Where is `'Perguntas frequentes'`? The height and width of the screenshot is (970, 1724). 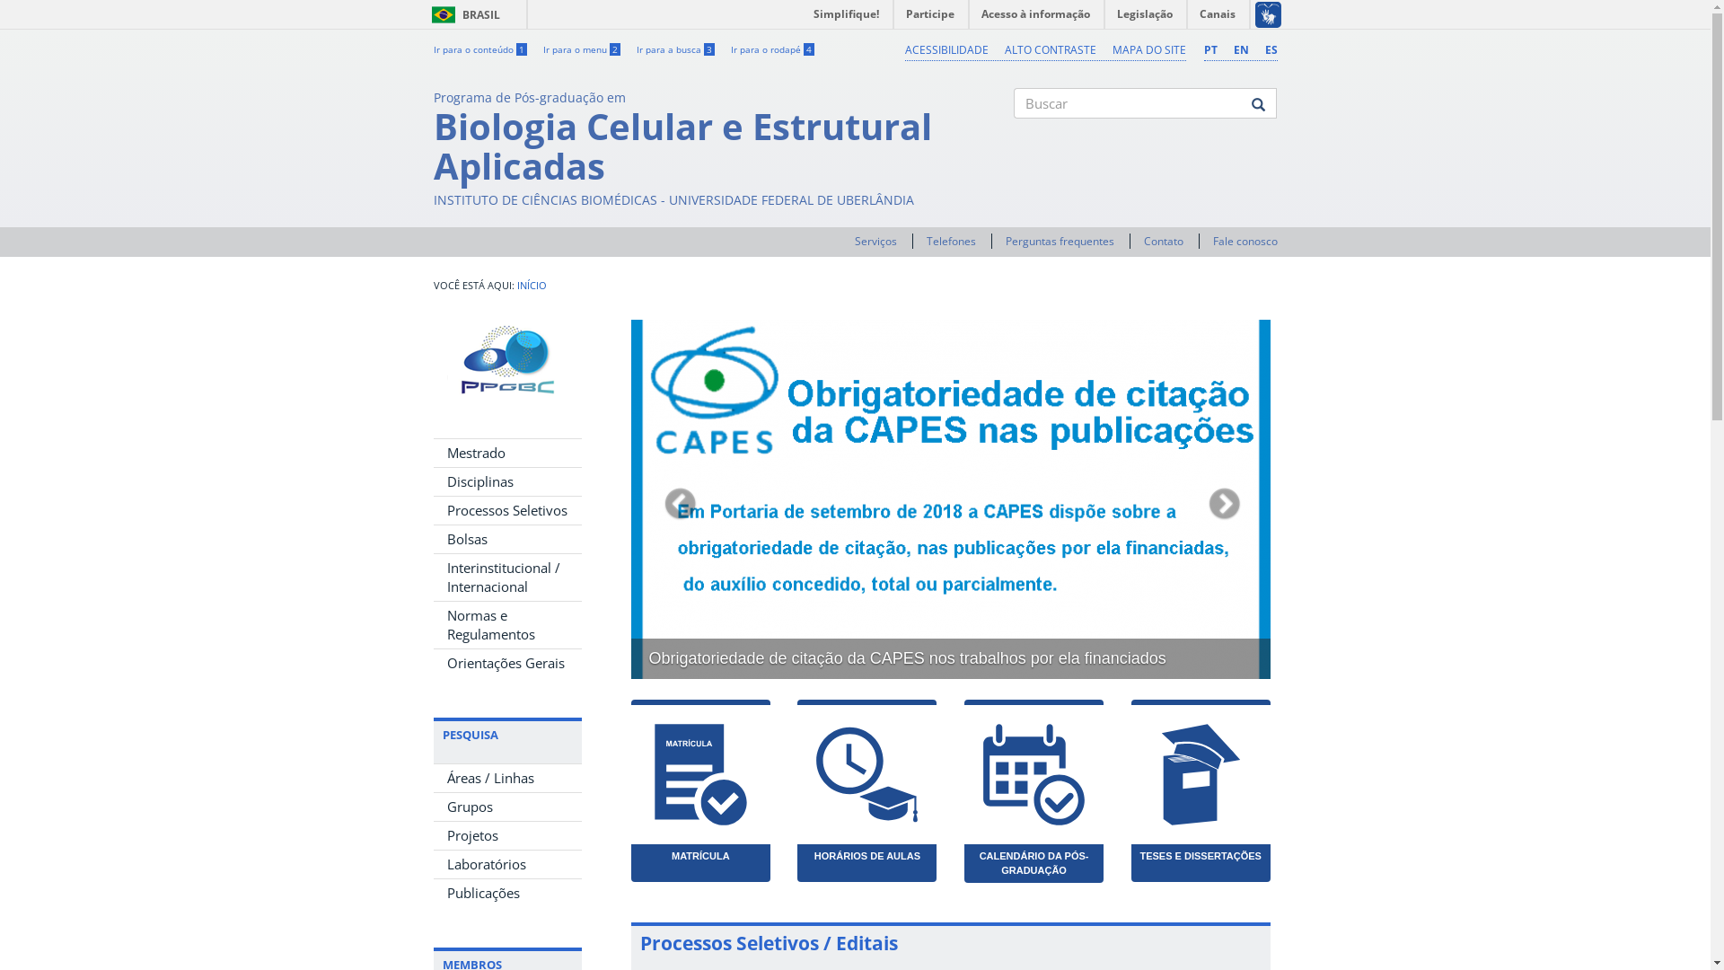
'Perguntas frequentes' is located at coordinates (1004, 240).